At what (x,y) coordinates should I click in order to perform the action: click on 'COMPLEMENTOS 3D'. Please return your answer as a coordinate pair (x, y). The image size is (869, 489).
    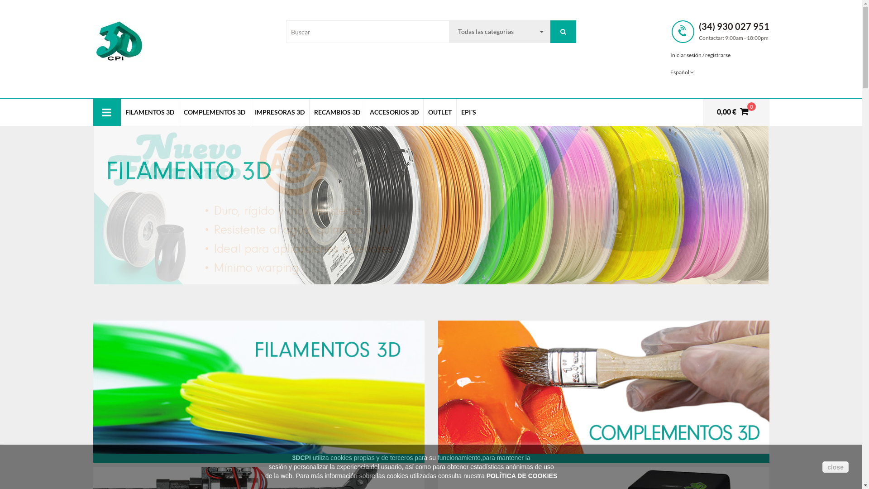
    Looking at the image, I should click on (214, 111).